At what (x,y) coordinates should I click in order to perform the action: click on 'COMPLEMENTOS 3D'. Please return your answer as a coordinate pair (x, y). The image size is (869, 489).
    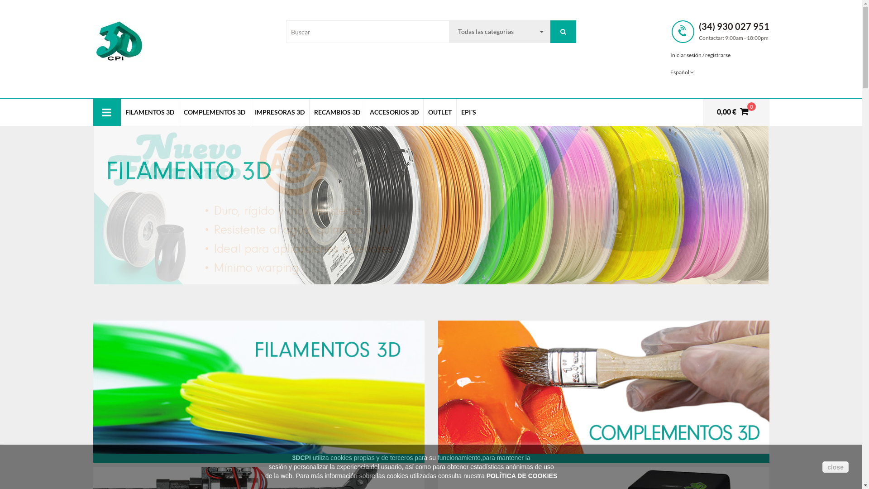
    Looking at the image, I should click on (214, 111).